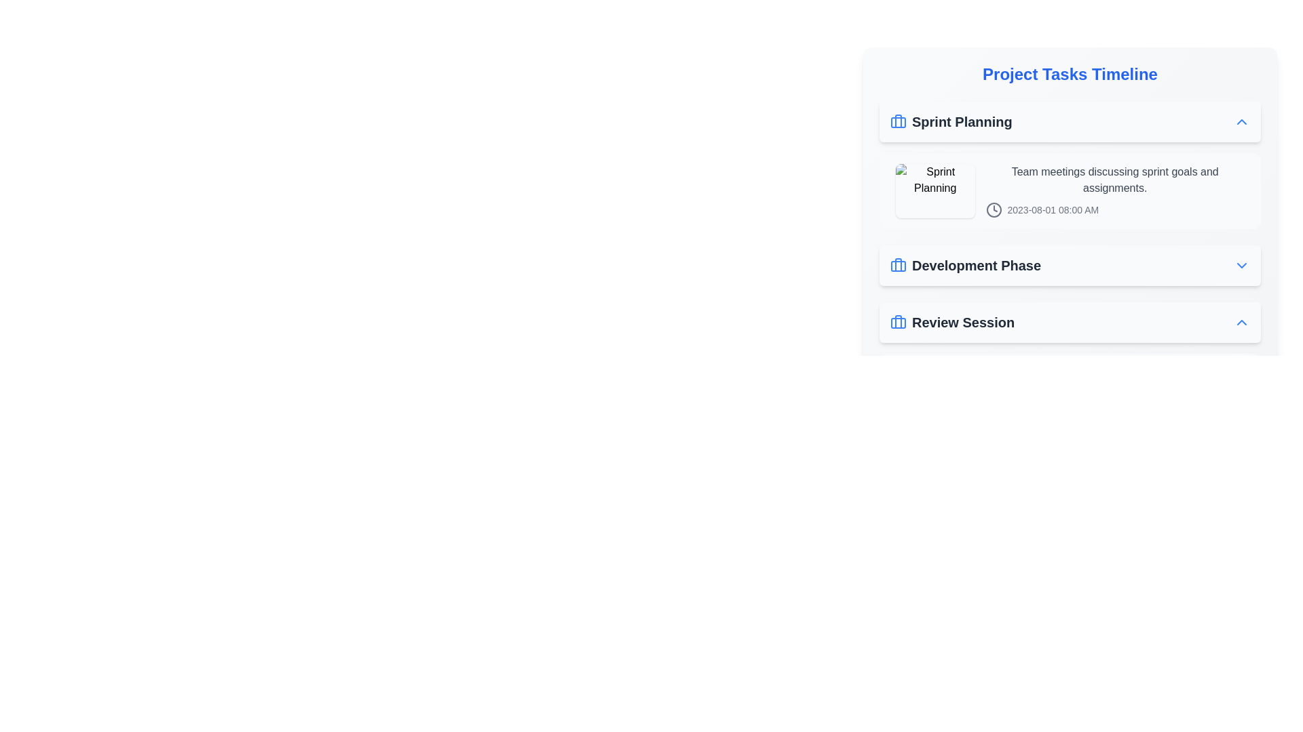 This screenshot has height=732, width=1303. I want to click on the button in the top-right corner of the 'Sprint Planning' section, so click(1241, 122).